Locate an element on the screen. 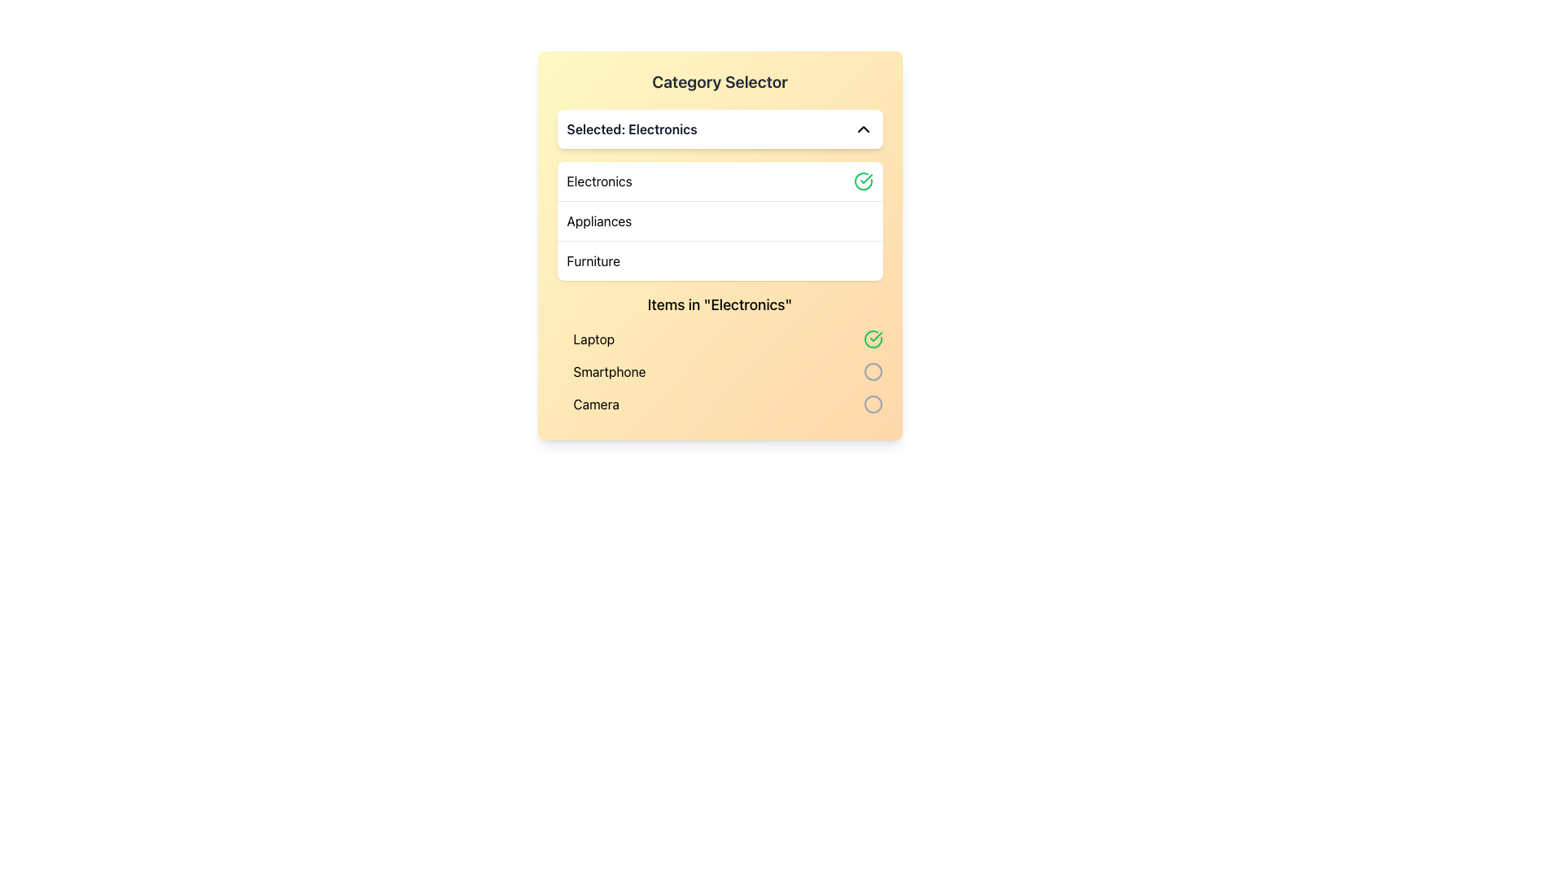 Image resolution: width=1563 pixels, height=879 pixels. the list item that starts with 'Smartphone', which is the second item in the 'Electronics' list, positioned between 'Laptop' and 'Camera' is located at coordinates (719, 371).